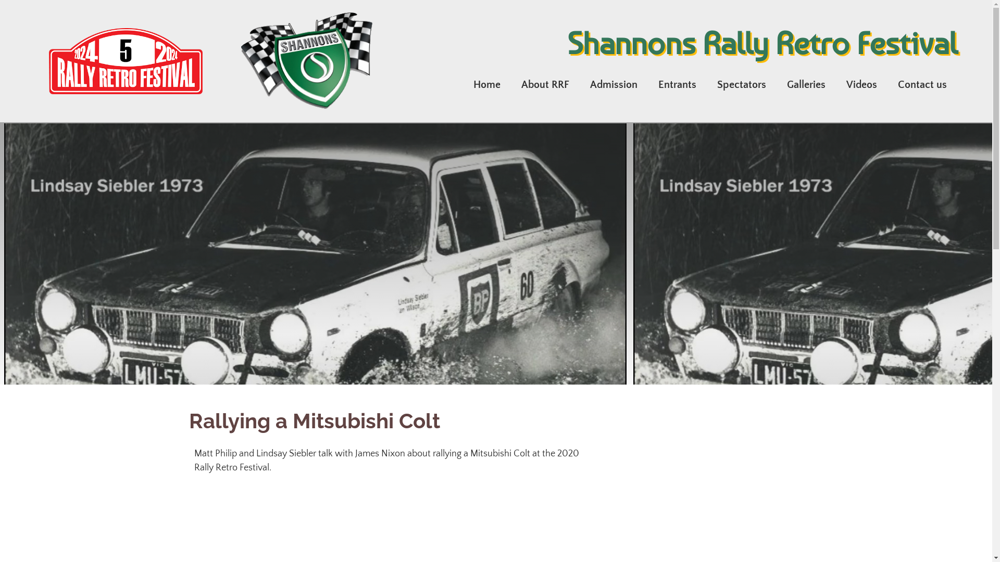 Image resolution: width=1000 pixels, height=562 pixels. What do you see at coordinates (861, 84) in the screenshot?
I see `'Videos'` at bounding box center [861, 84].